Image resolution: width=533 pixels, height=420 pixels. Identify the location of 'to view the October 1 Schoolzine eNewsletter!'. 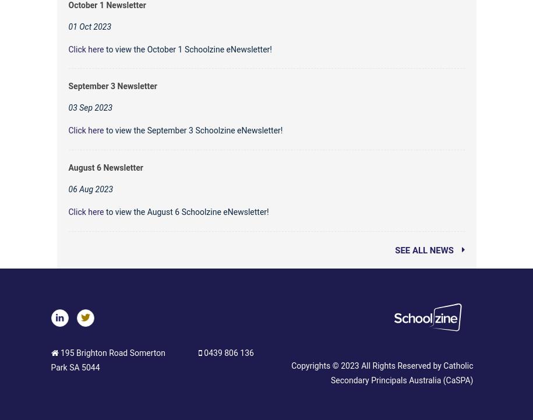
(187, 48).